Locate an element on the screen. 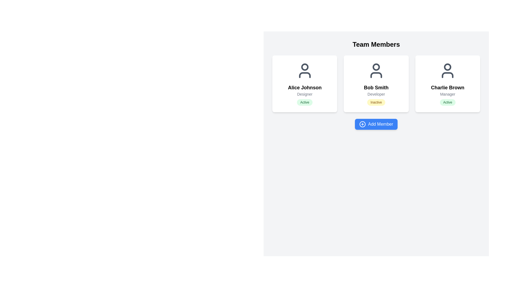 The image size is (525, 295). text label displaying 'Designer' located centrally within the card layout, beneath the name 'Alice Johnson' and above the 'Active' status indicator is located at coordinates (304, 94).